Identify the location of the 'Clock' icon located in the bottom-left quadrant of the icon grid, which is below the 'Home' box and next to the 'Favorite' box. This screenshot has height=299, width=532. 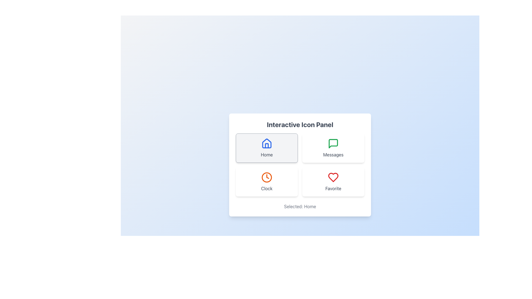
(267, 177).